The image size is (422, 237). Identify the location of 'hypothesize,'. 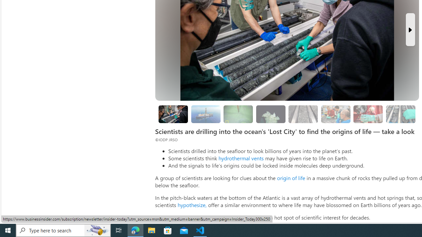
(192, 204).